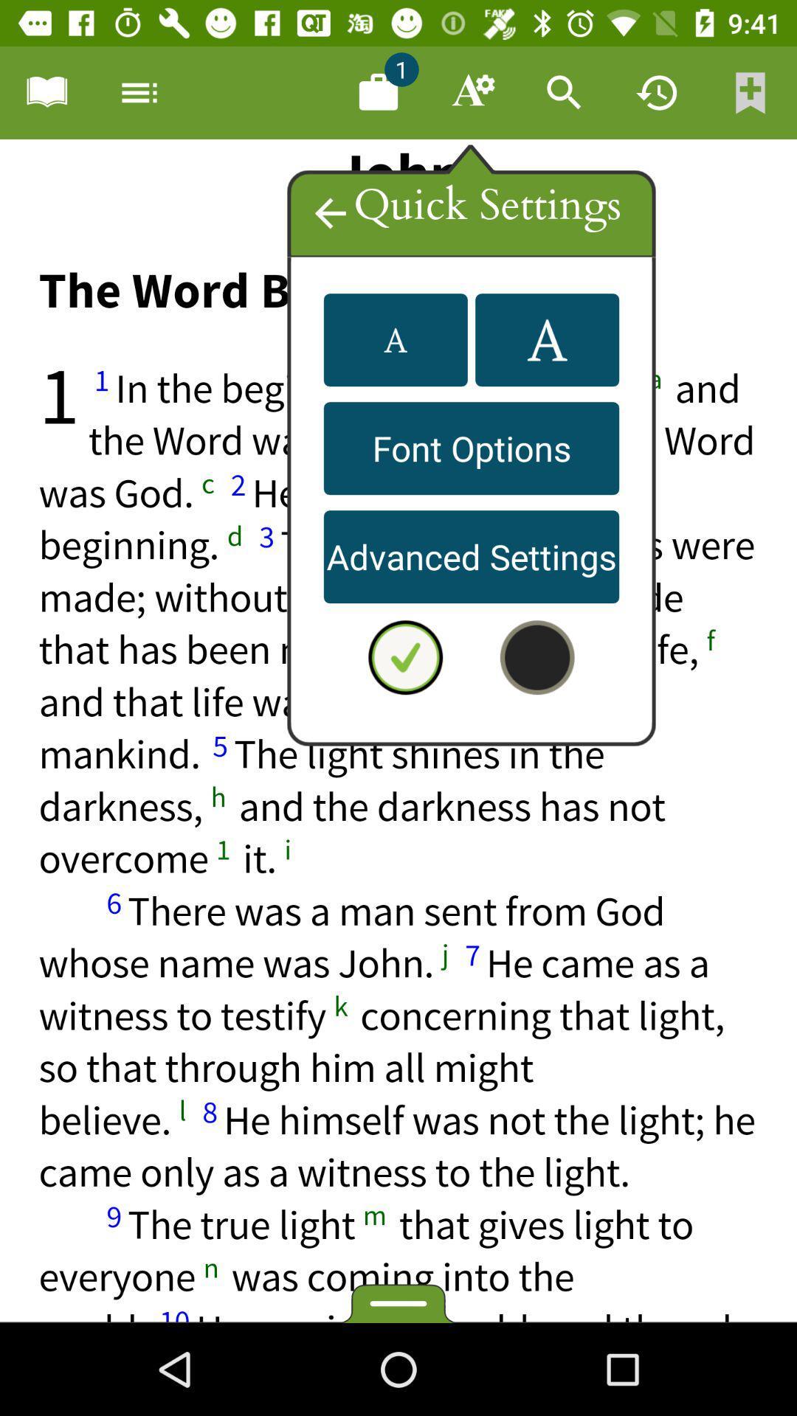 The image size is (797, 1416). Describe the element at coordinates (657, 91) in the screenshot. I see `orange box flashing on timer sign` at that location.